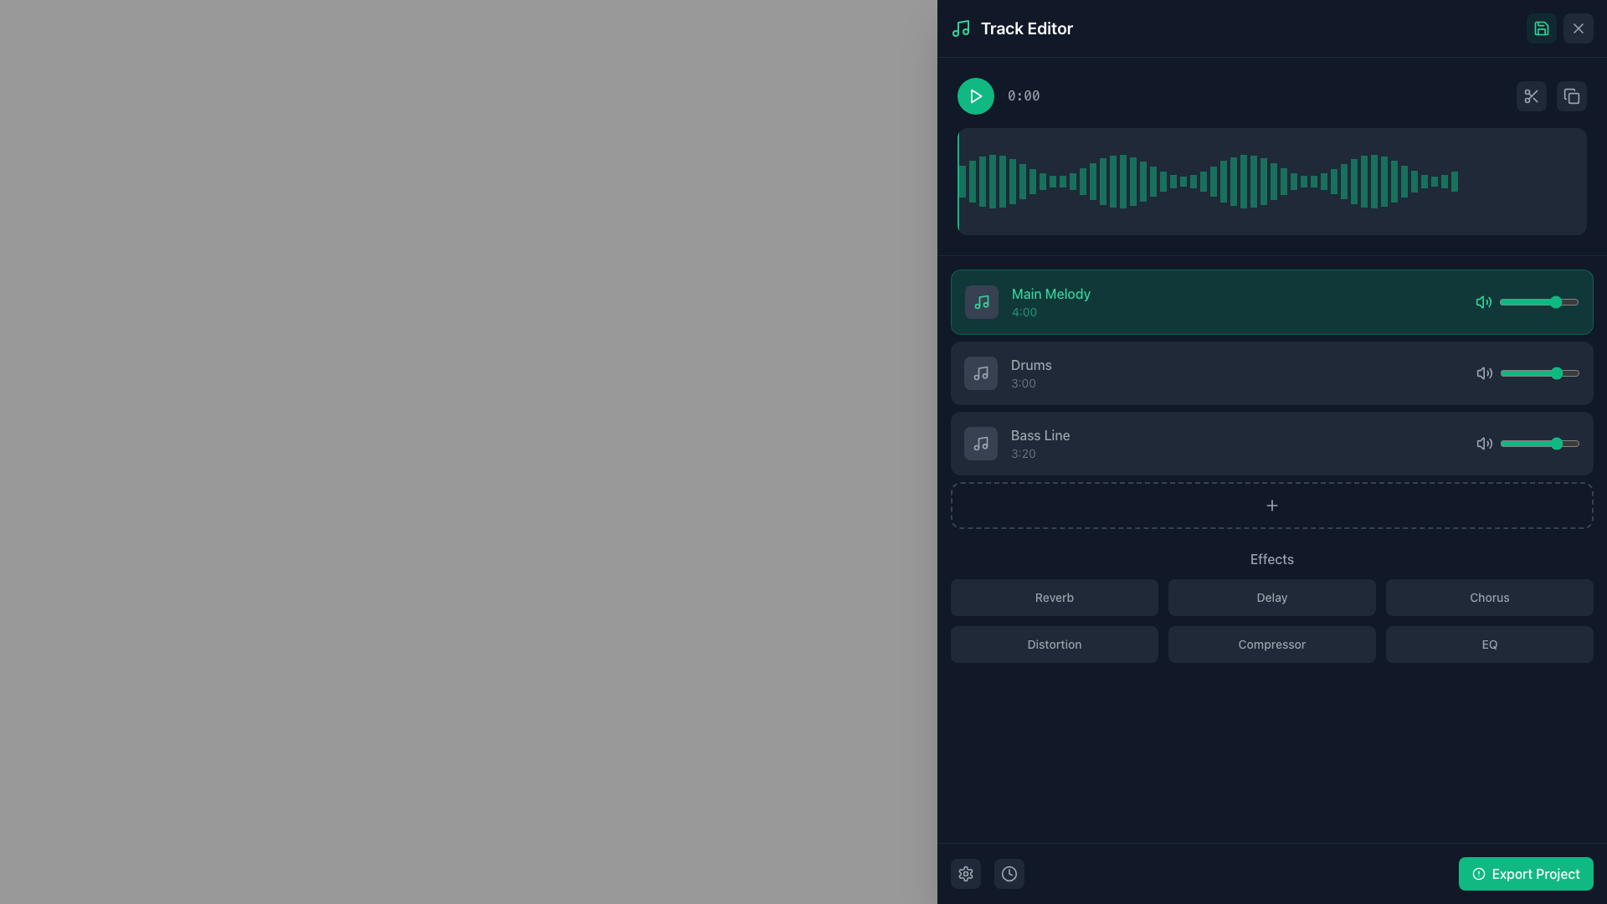  Describe the element at coordinates (1272, 505) in the screenshot. I see `the '+' icon button located centrally in the rectangular panel with dashed borders` at that location.